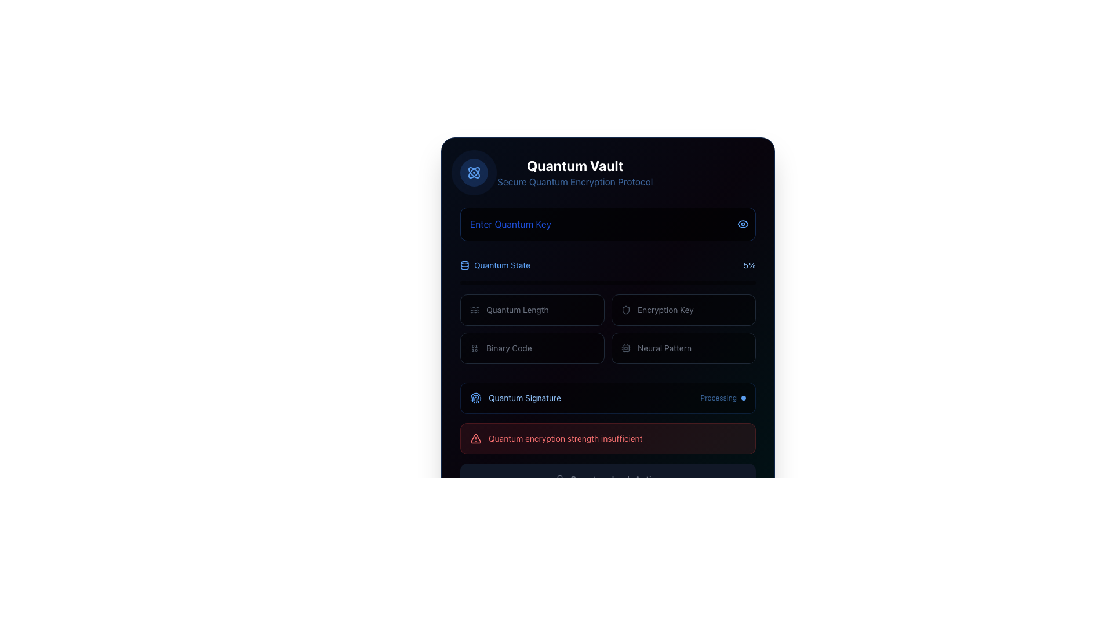  I want to click on the text label displaying 'Quantum Signature' in light blue, which is located to the right of a fingerprint icon in the lower-middle section of the interface, so click(524, 397).